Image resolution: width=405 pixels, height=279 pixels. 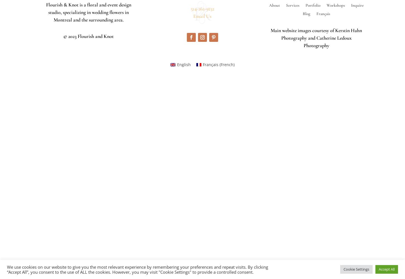 I want to click on '(', so click(x=220, y=64).